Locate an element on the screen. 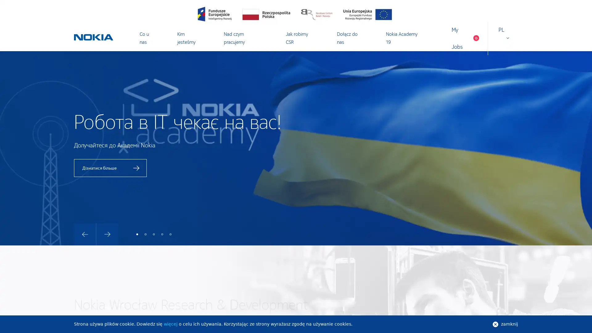 Image resolution: width=592 pixels, height=333 pixels. Go to slide 5 is located at coordinates (170, 234).